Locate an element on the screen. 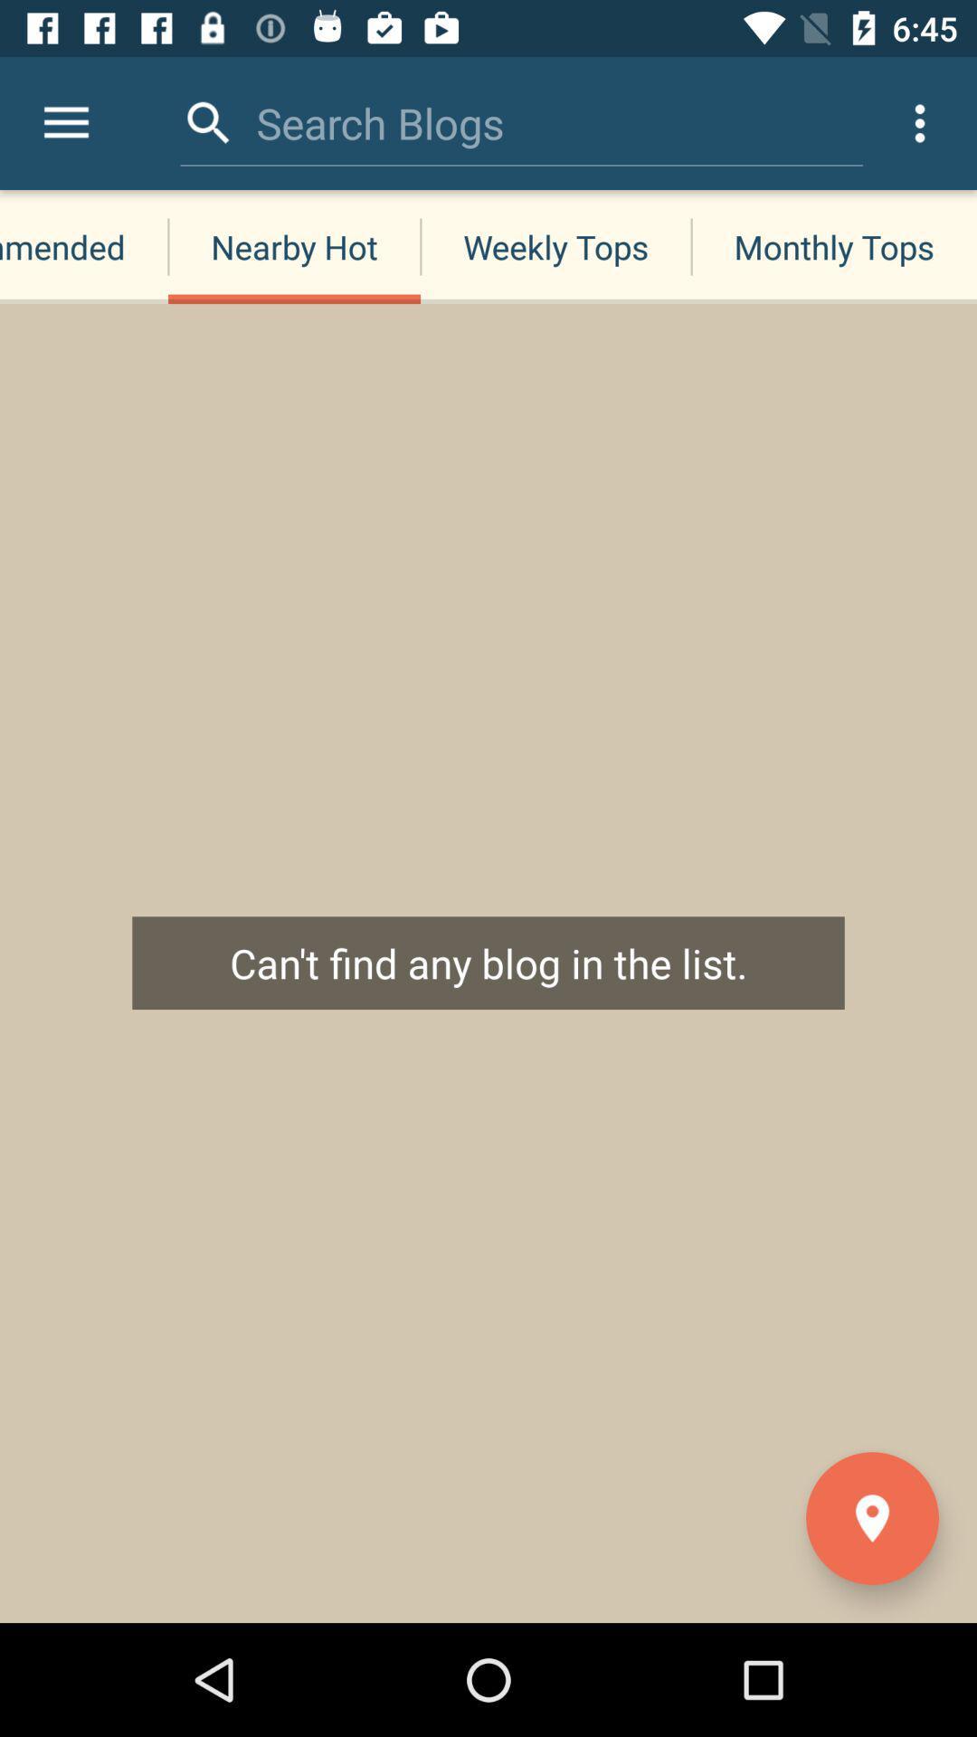 The width and height of the screenshot is (977, 1737). icon next to nearby hot is located at coordinates (65, 122).